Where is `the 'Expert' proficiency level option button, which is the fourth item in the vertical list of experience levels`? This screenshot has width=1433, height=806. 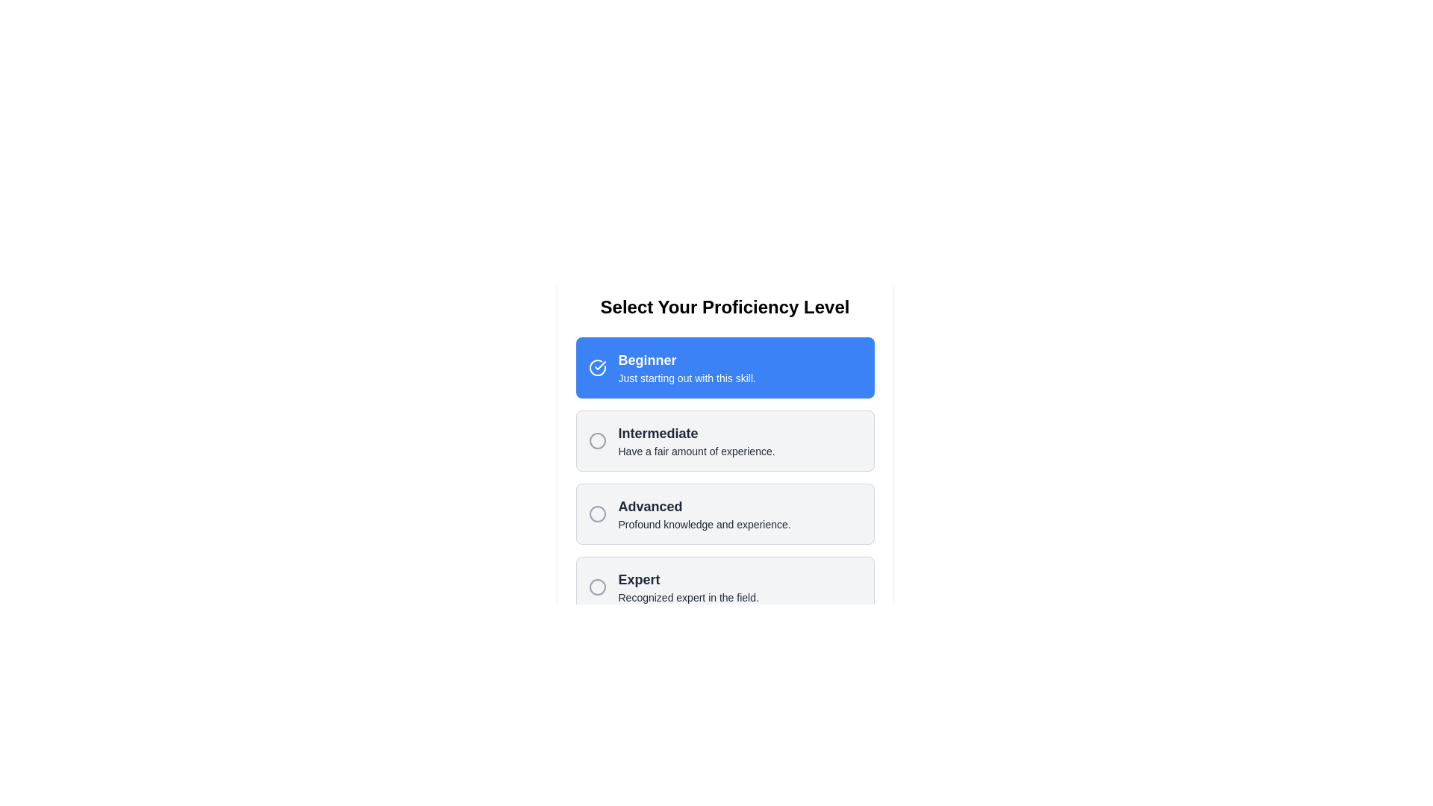 the 'Expert' proficiency level option button, which is the fourth item in the vertical list of experience levels is located at coordinates (725, 586).